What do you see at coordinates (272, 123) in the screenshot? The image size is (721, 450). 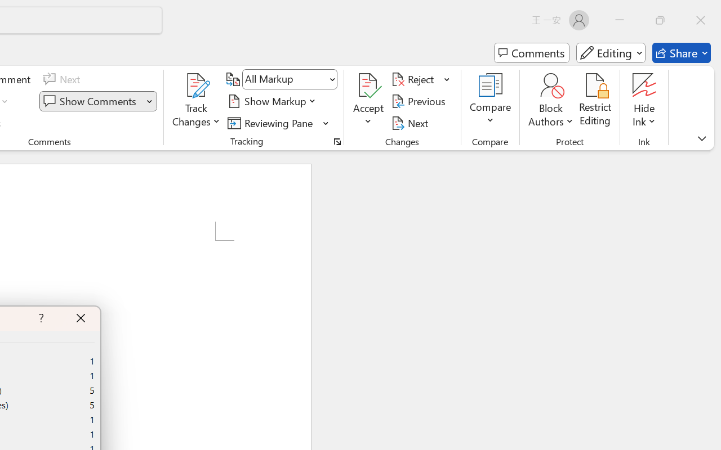 I see `'Reviewing Pane'` at bounding box center [272, 123].